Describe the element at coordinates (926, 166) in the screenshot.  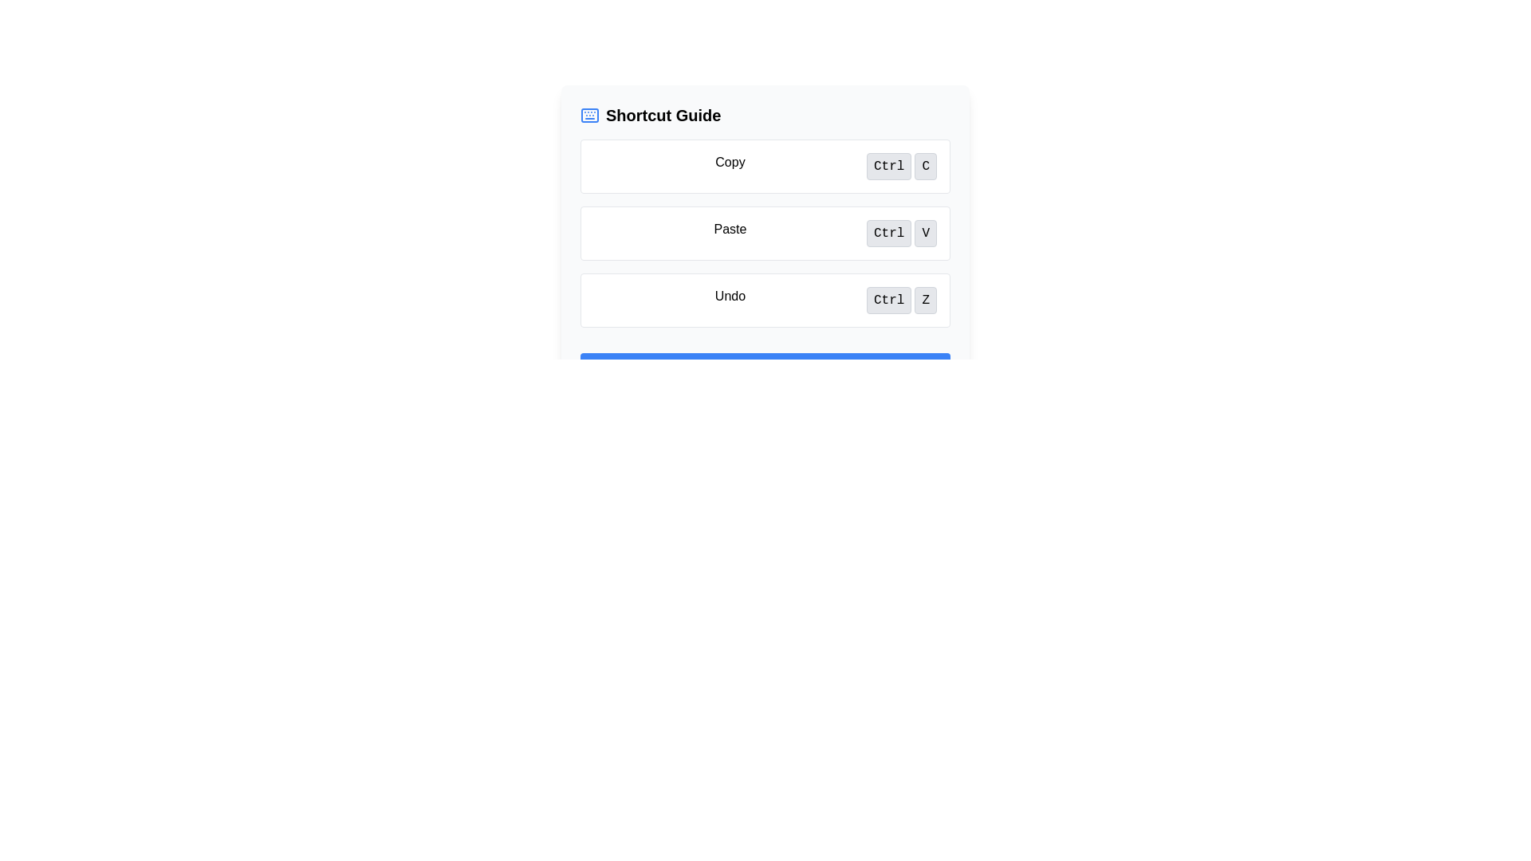
I see `the text label styled as a button containing the letter 'C', which is visually consistent with other key-like elements and located in the top row among keyboard shortcuts, specifically in the rightmost position next to 'Ctrl'` at that location.